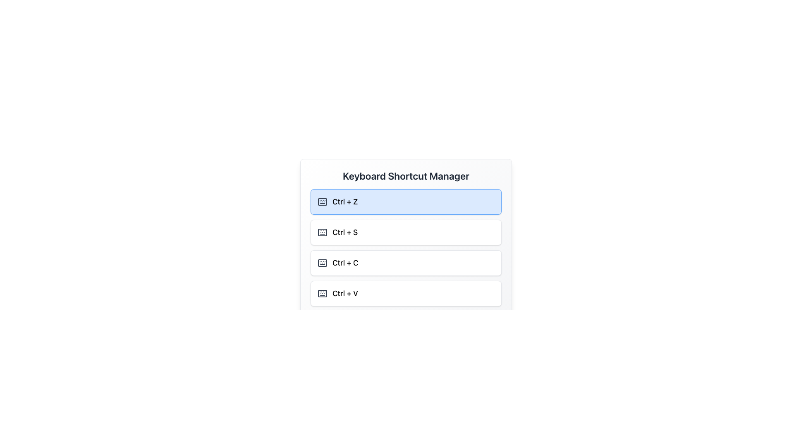 The width and height of the screenshot is (794, 446). What do you see at coordinates (406, 202) in the screenshot?
I see `the topmost entry in the vertical list of keyboard shortcuts labeled 'Ctrl + Z'` at bounding box center [406, 202].